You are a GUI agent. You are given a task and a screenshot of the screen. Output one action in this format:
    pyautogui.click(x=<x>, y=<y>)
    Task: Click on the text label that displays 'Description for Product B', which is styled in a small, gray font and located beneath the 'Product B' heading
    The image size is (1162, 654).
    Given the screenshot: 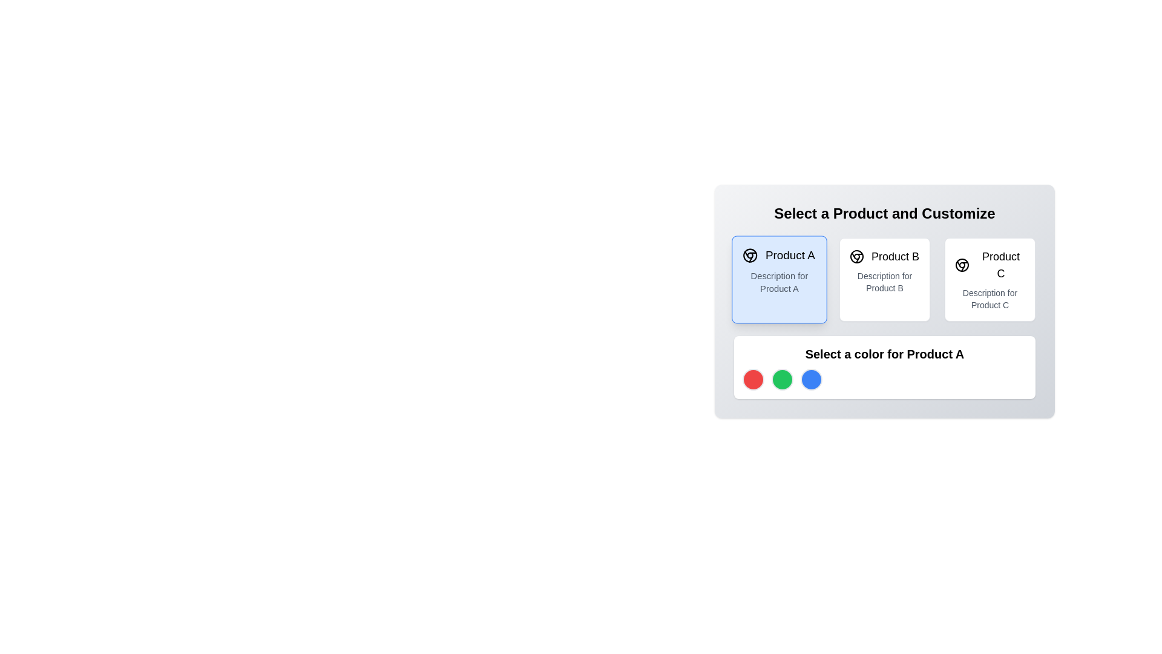 What is the action you would take?
    pyautogui.click(x=885, y=282)
    